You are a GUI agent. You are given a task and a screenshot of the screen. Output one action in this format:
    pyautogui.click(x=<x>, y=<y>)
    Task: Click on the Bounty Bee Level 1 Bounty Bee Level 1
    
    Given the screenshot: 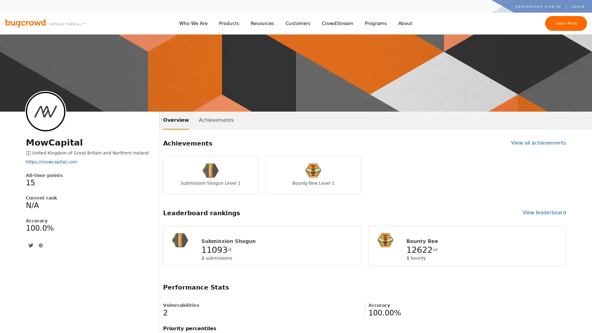 What is the action you would take?
    pyautogui.click(x=313, y=175)
    